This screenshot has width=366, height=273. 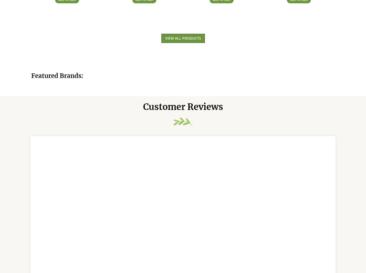 I want to click on 'Martha', so click(x=48, y=185).